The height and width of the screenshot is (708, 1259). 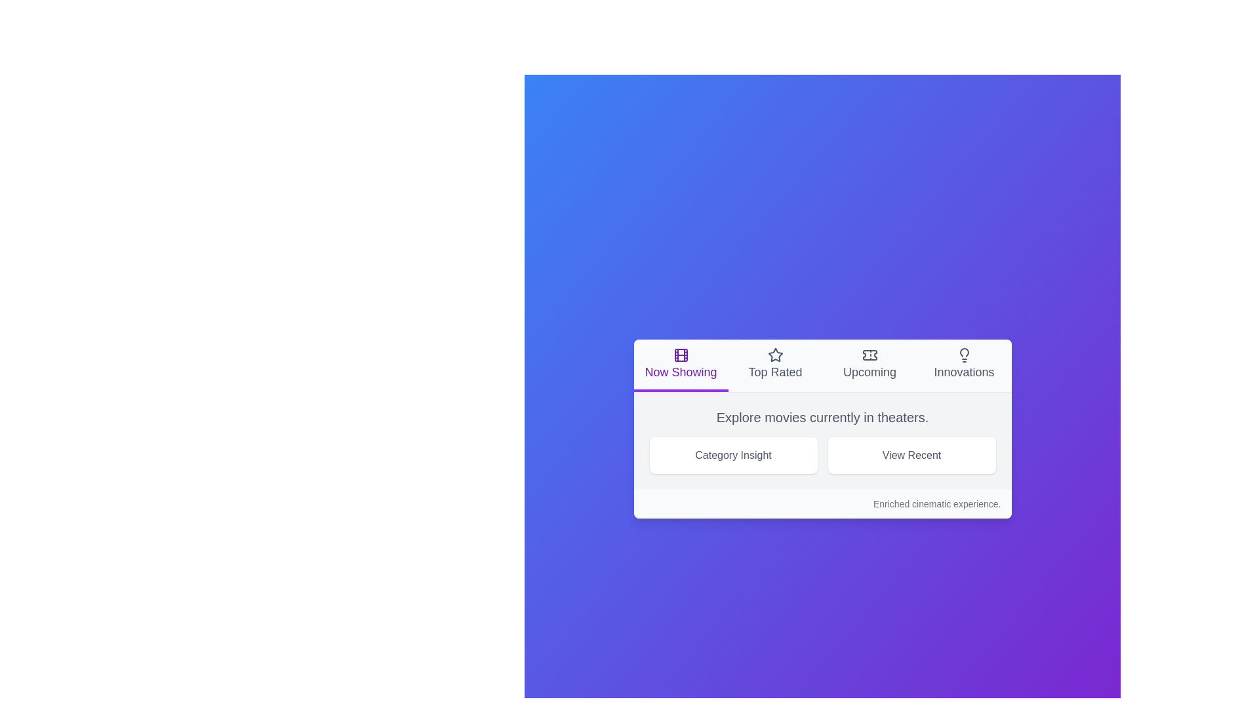 I want to click on the 'Now Showing' movies section text label located in the upper-left portion of the navigation bar, so click(x=681, y=372).